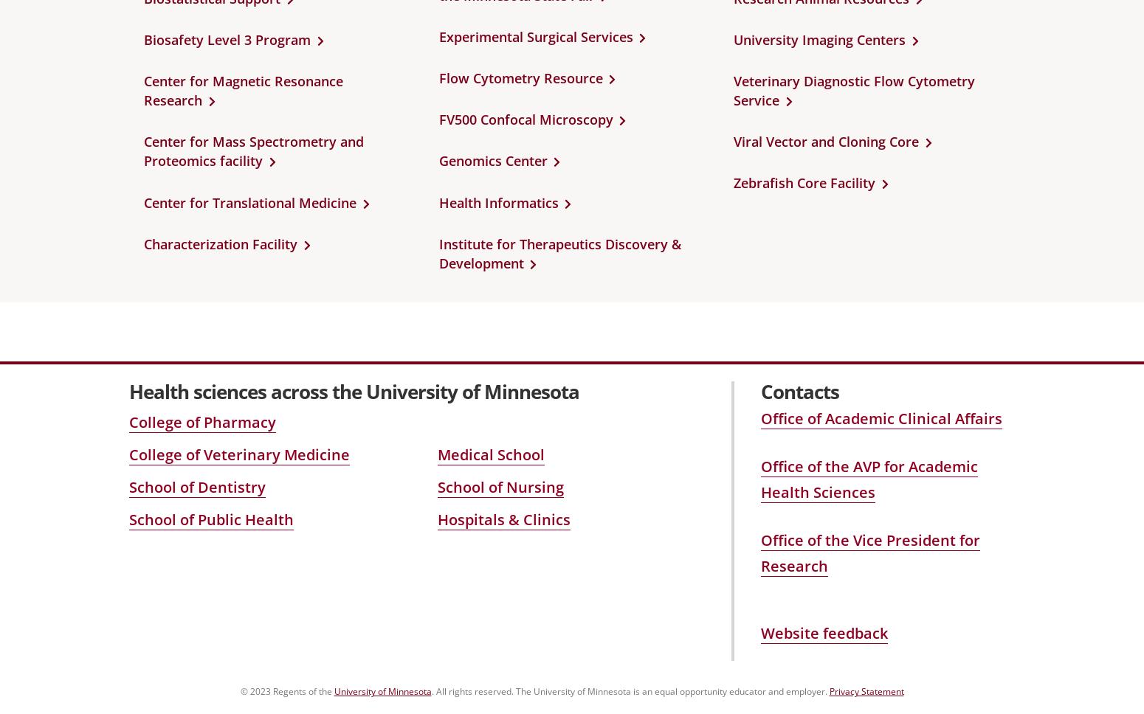 This screenshot has height=714, width=1144. I want to click on 'Regents of the', so click(302, 690).